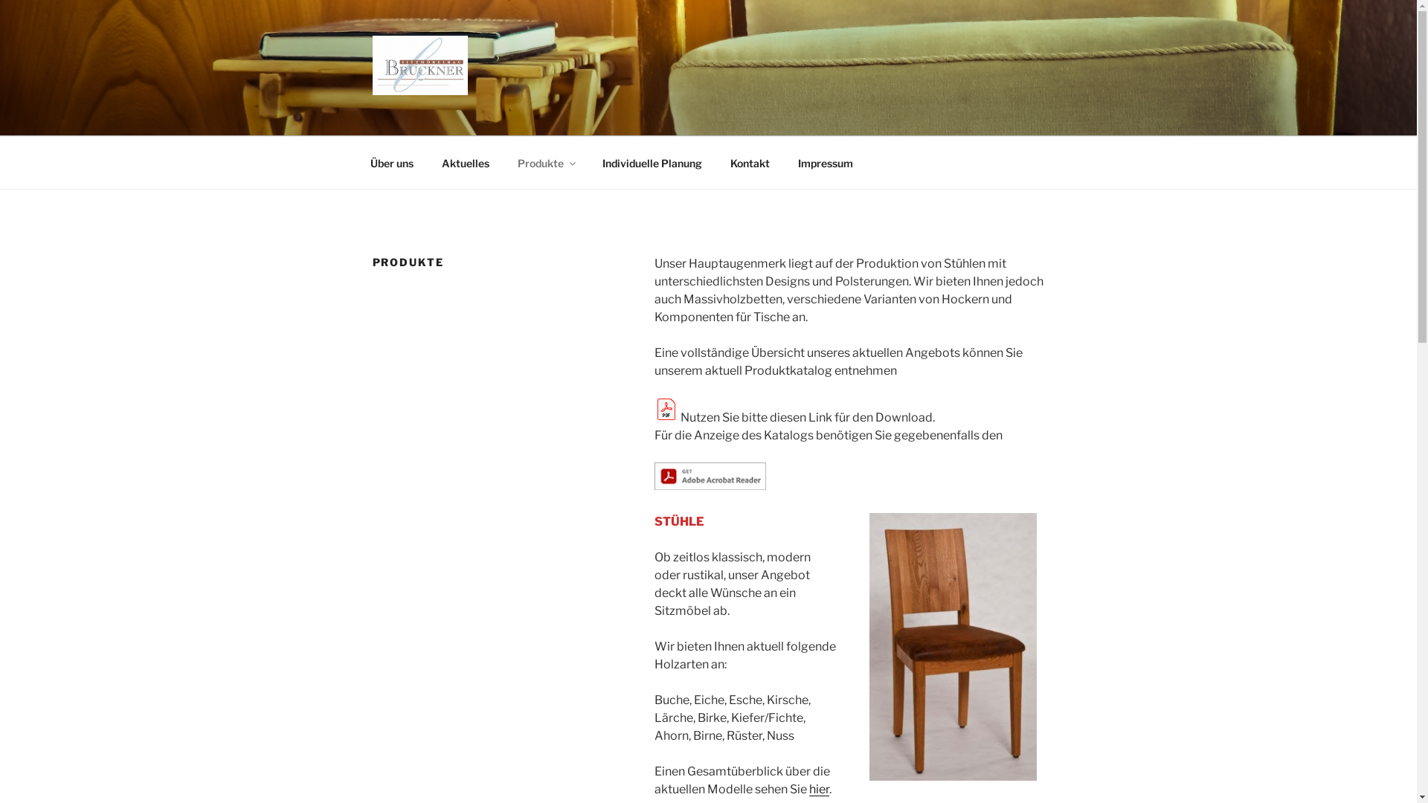 This screenshot has width=1428, height=803. I want to click on 'Impressum', so click(825, 162).